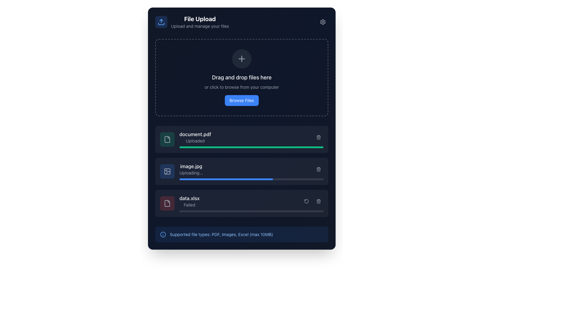 Image resolution: width=581 pixels, height=326 pixels. What do you see at coordinates (273, 211) in the screenshot?
I see `the progress` at bounding box center [273, 211].